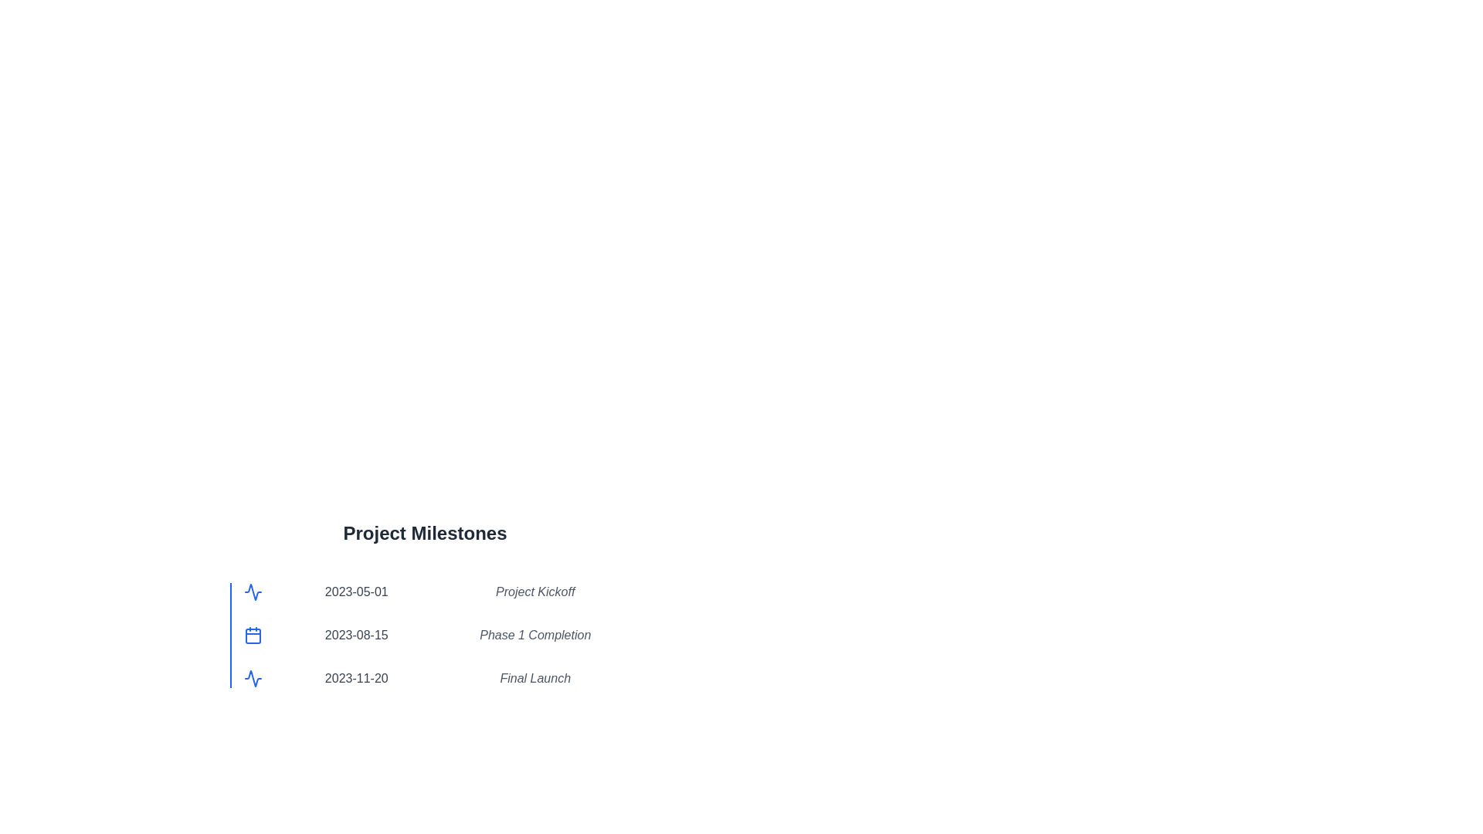 Image resolution: width=1483 pixels, height=834 pixels. What do you see at coordinates (355, 678) in the screenshot?
I see `the text label displaying '2023-11-20' which is styled in gray and aligned with milestone data, located in the bottom row of project milestones` at bounding box center [355, 678].